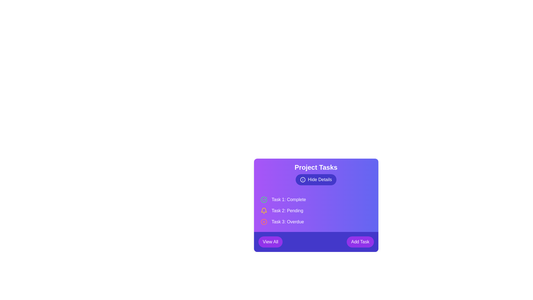  I want to click on the 'Hide Details' button within the 'Project Tasks' section of the card-like UI element, so click(316, 174).